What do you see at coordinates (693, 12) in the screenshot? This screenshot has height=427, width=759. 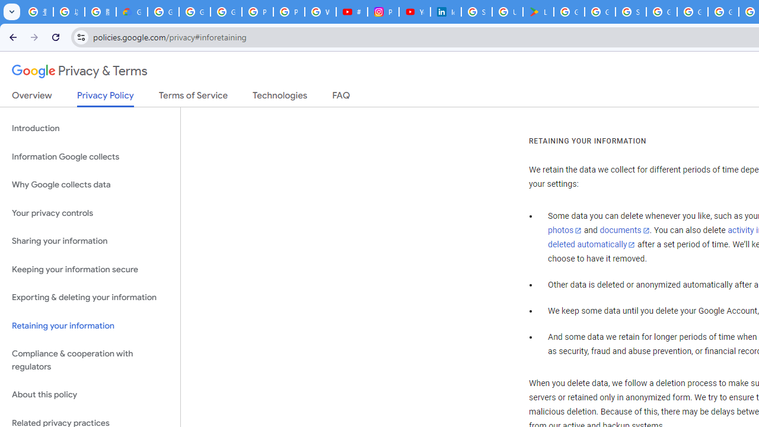 I see `'Google Cloud Platform'` at bounding box center [693, 12].